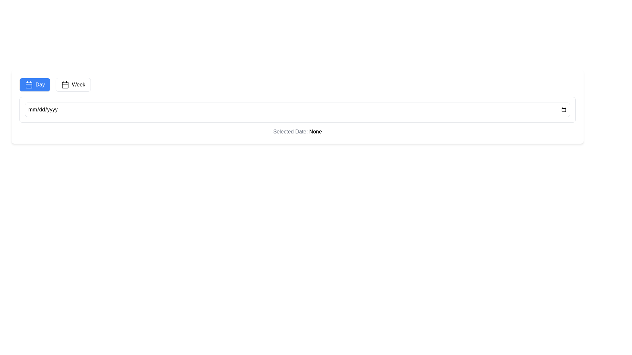 This screenshot has width=632, height=355. Describe the element at coordinates (28, 84) in the screenshot. I see `the leftmost calendar icon within the blue 'Day' button, which has a rounded square outline and a header bar at the top` at that location.